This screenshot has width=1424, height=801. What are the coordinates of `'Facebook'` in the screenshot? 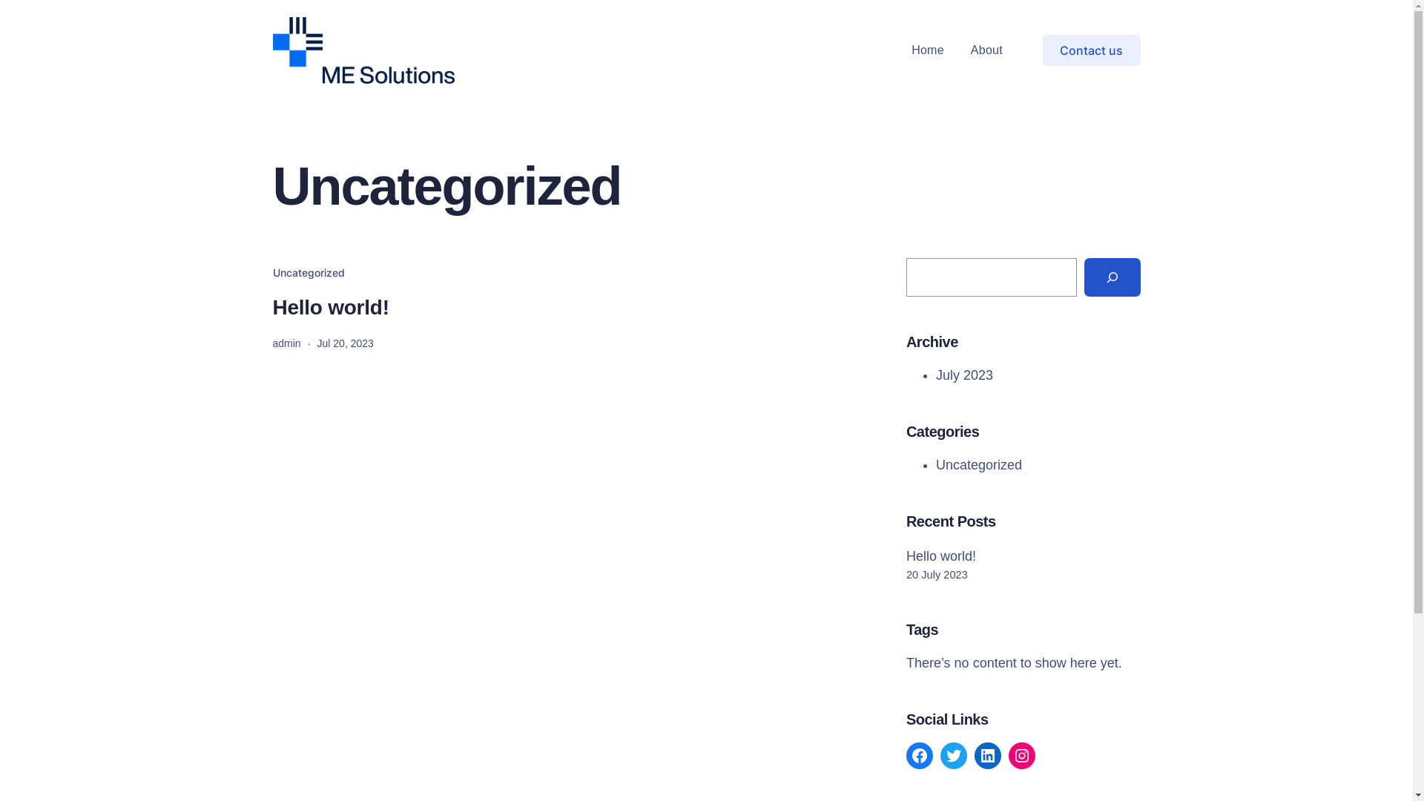 It's located at (918, 755).